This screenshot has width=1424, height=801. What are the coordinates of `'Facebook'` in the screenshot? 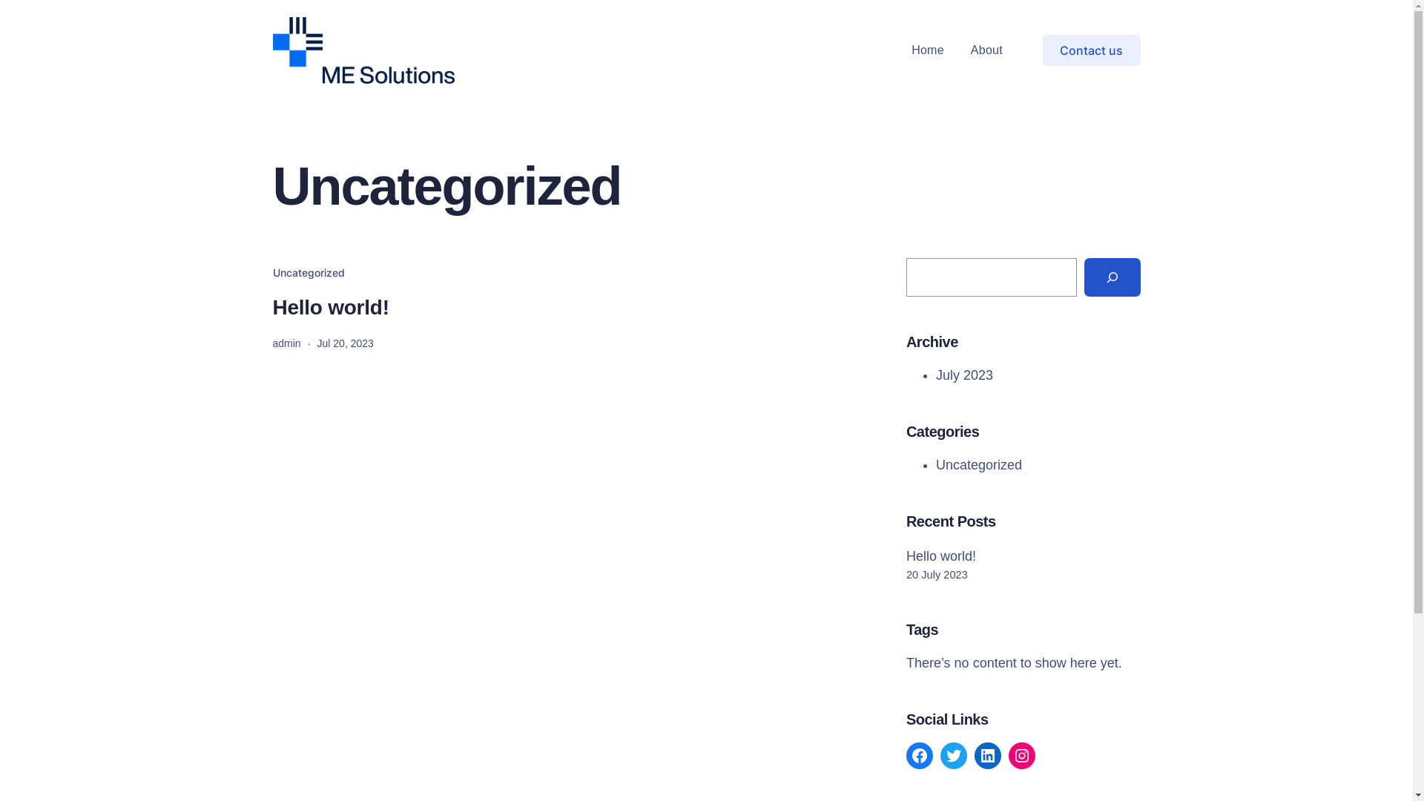 It's located at (918, 755).